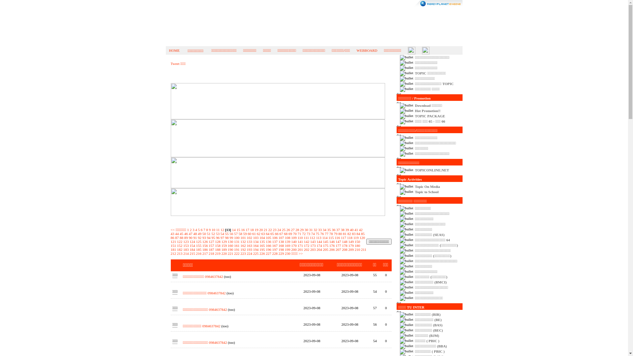  I want to click on '17', so click(247, 229).